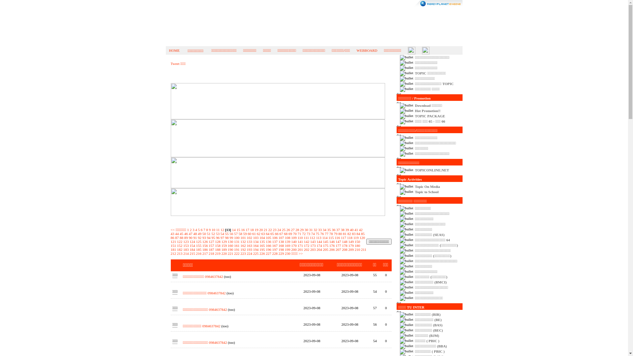  I want to click on '17', so click(247, 229).